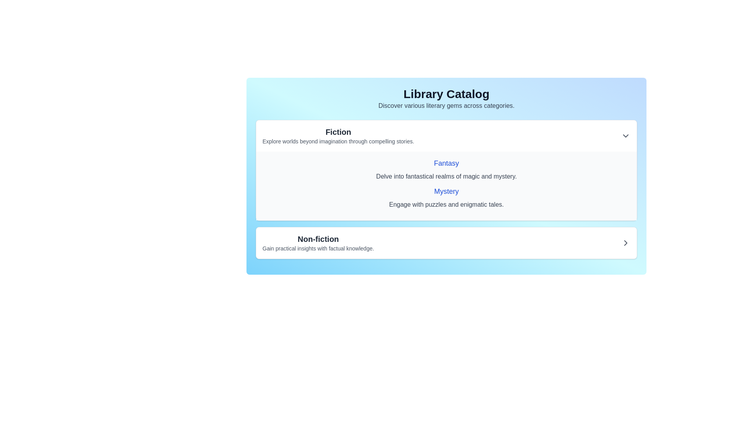 The width and height of the screenshot is (750, 422). Describe the element at coordinates (338, 141) in the screenshot. I see `descriptive text snippet 'Explore worlds beyond imagination through compelling stories.' located below the bold 'Fiction' heading in the library catalog interface` at that location.